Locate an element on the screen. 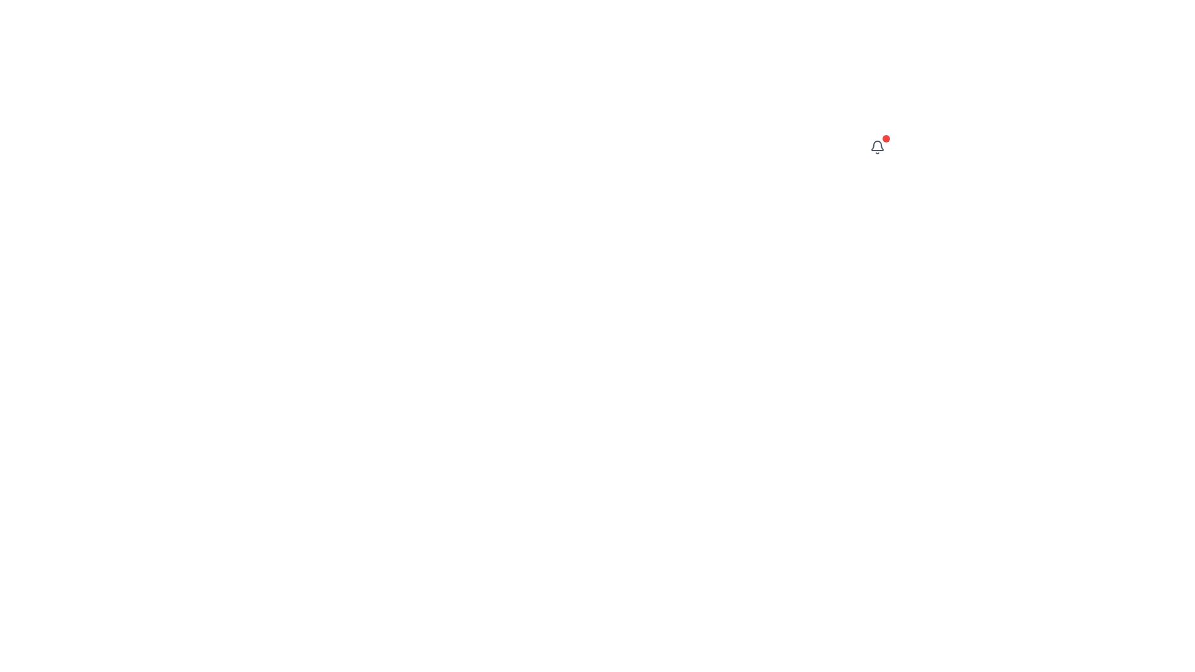 The width and height of the screenshot is (1195, 672). the Button with a notification indicator located at the top-right of the interface is located at coordinates (877, 146).